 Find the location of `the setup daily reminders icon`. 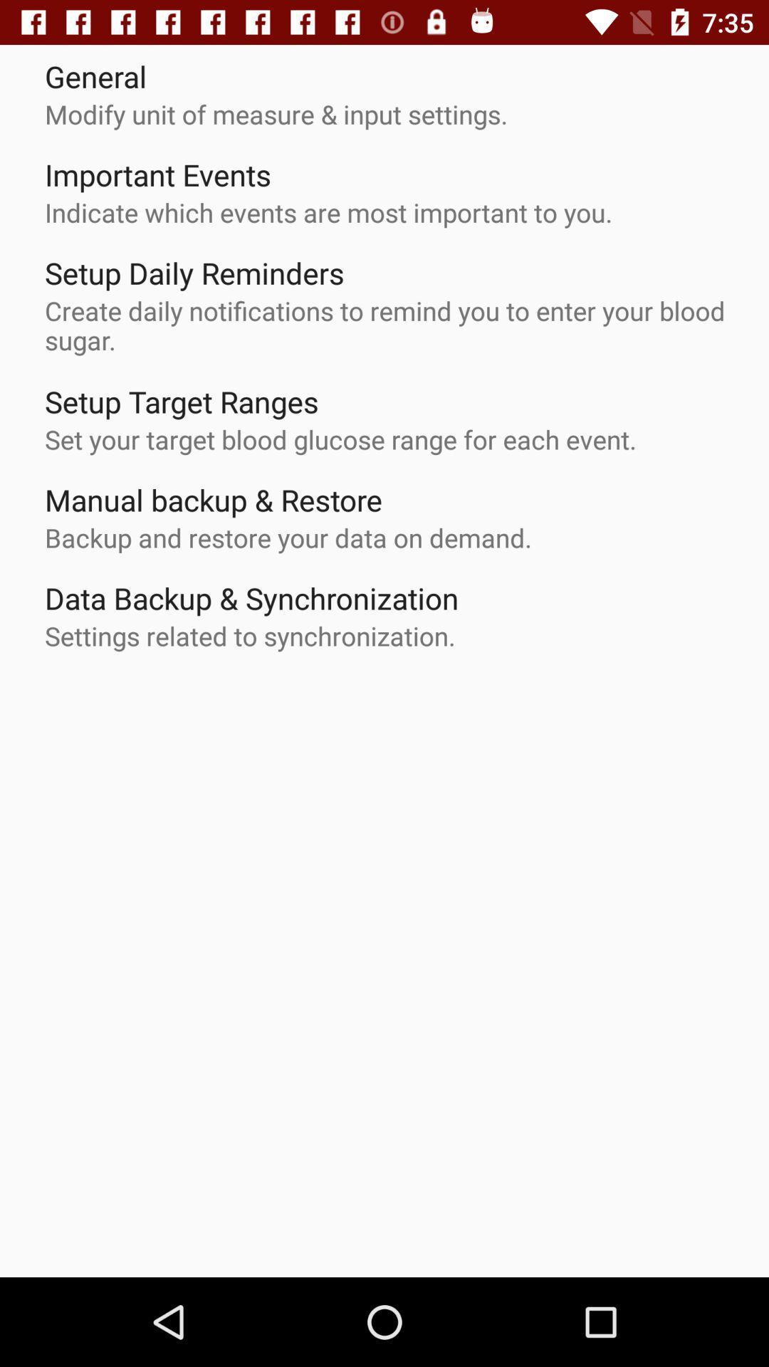

the setup daily reminders icon is located at coordinates (194, 273).